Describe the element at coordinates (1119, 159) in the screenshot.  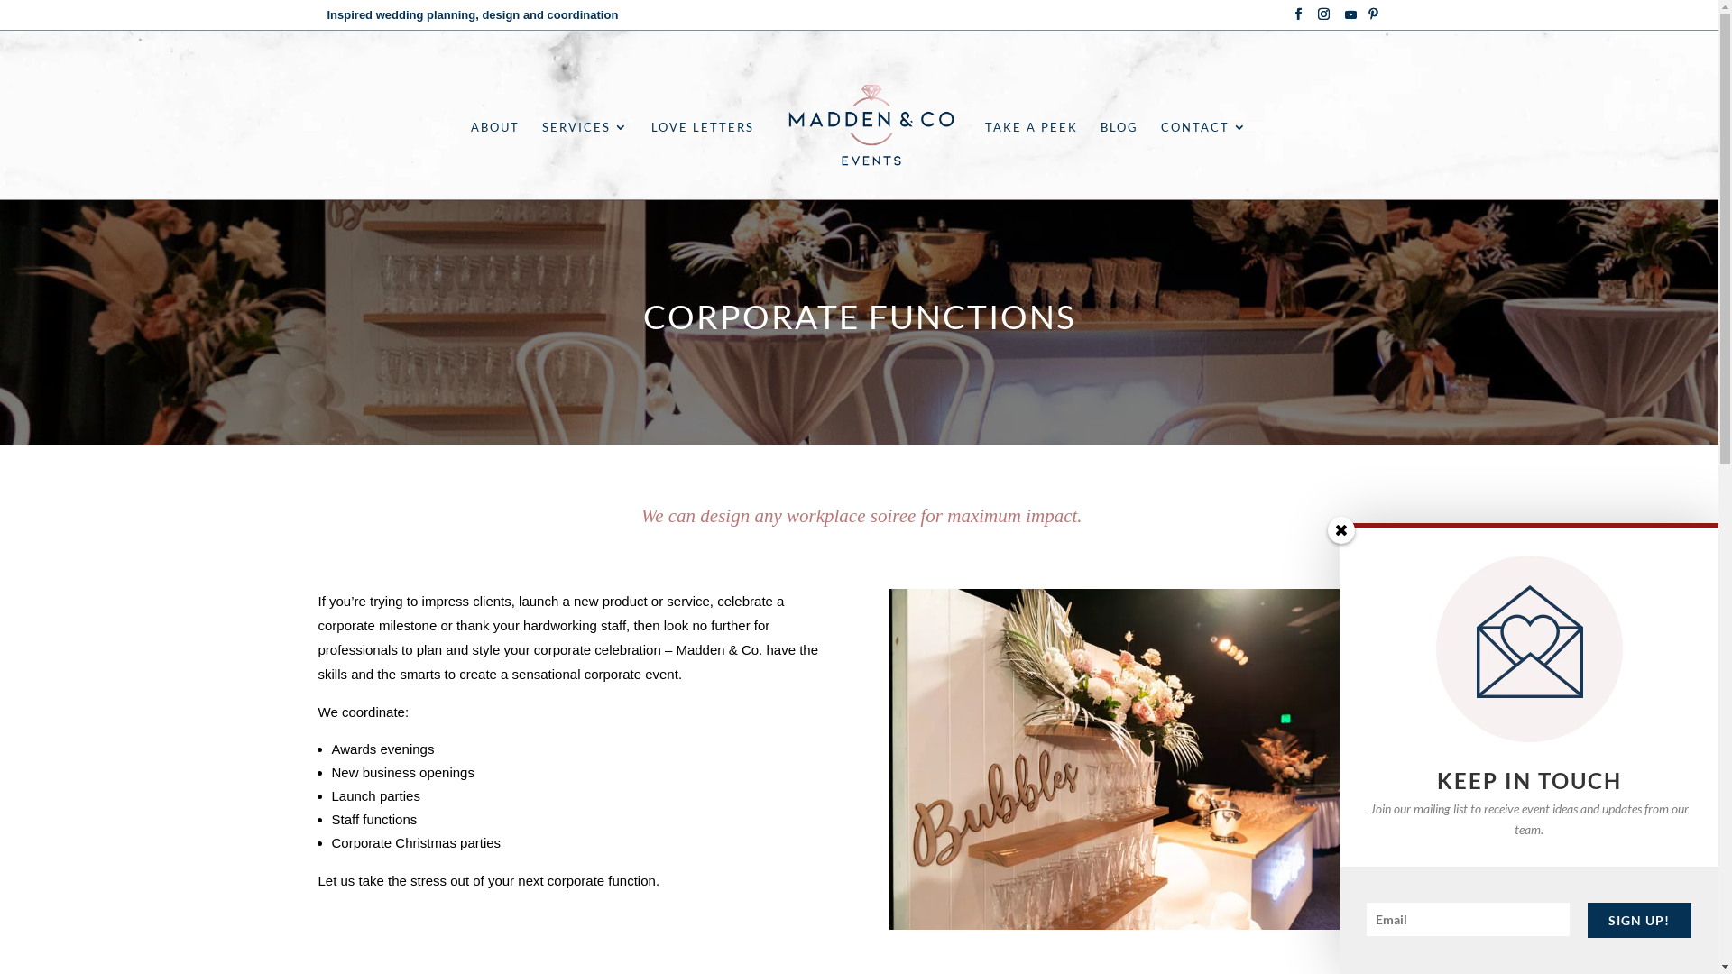
I see `'BLOG'` at that location.